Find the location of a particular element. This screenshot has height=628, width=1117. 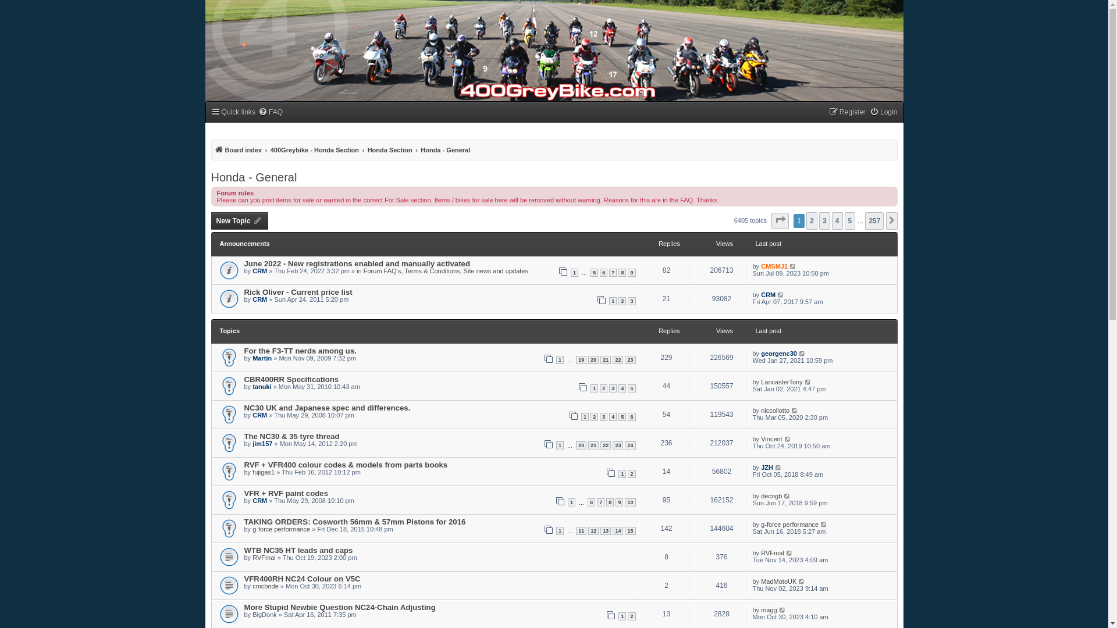

'RVFmal' is located at coordinates (773, 552).